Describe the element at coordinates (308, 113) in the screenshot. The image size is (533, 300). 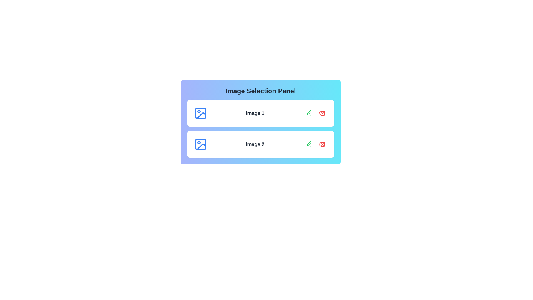
I see `the green edit icon button located to the right of 'Image 1' to observe the hover effect` at that location.